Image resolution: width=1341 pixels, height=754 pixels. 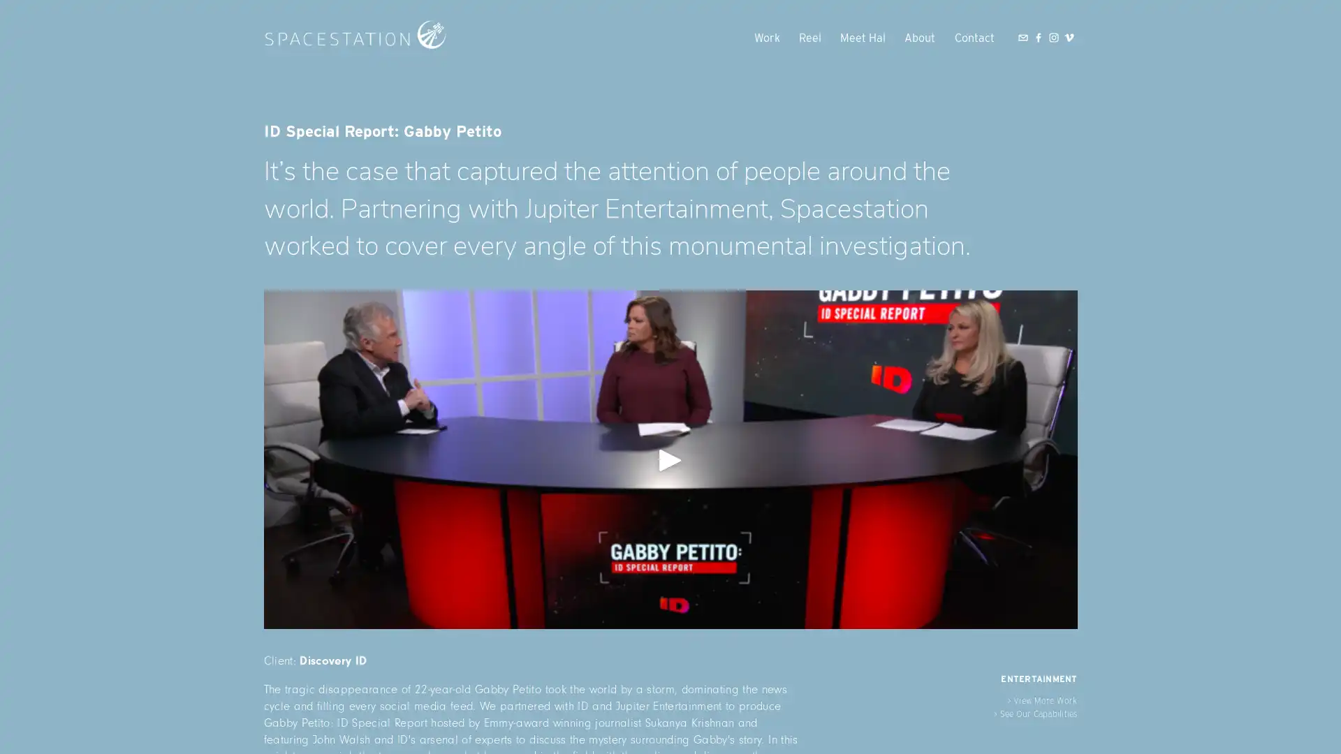 What do you see at coordinates (669, 459) in the screenshot?
I see `View fullsize` at bounding box center [669, 459].